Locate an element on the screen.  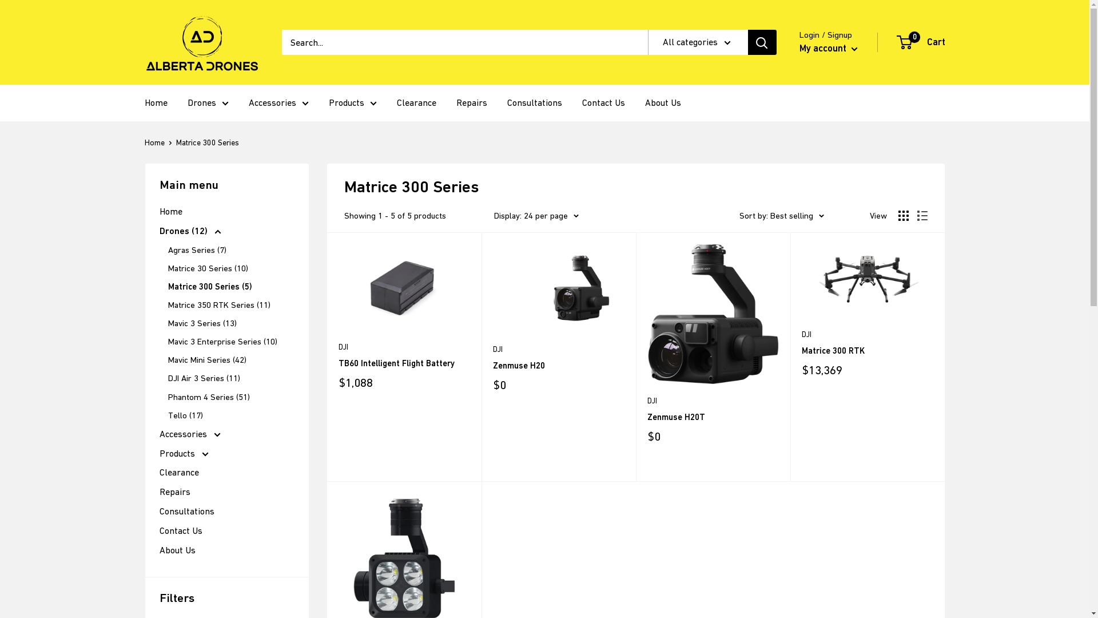
'Drones (12)' is located at coordinates (226, 231).